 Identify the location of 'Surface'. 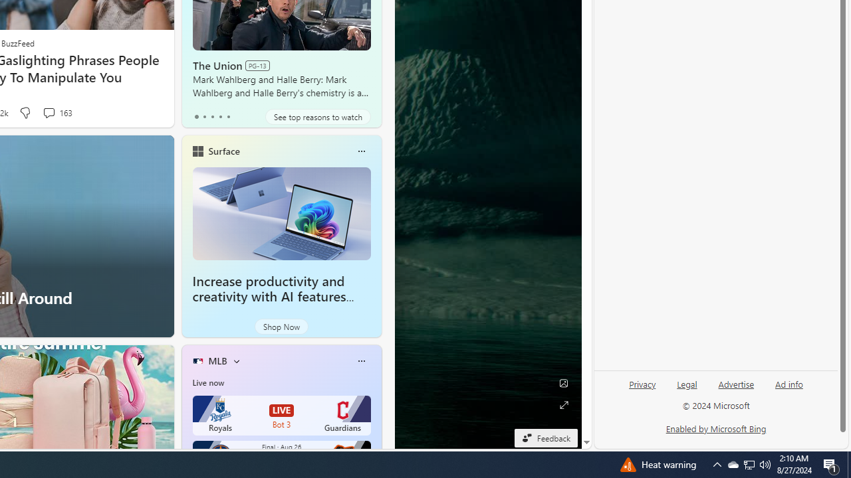
(224, 150).